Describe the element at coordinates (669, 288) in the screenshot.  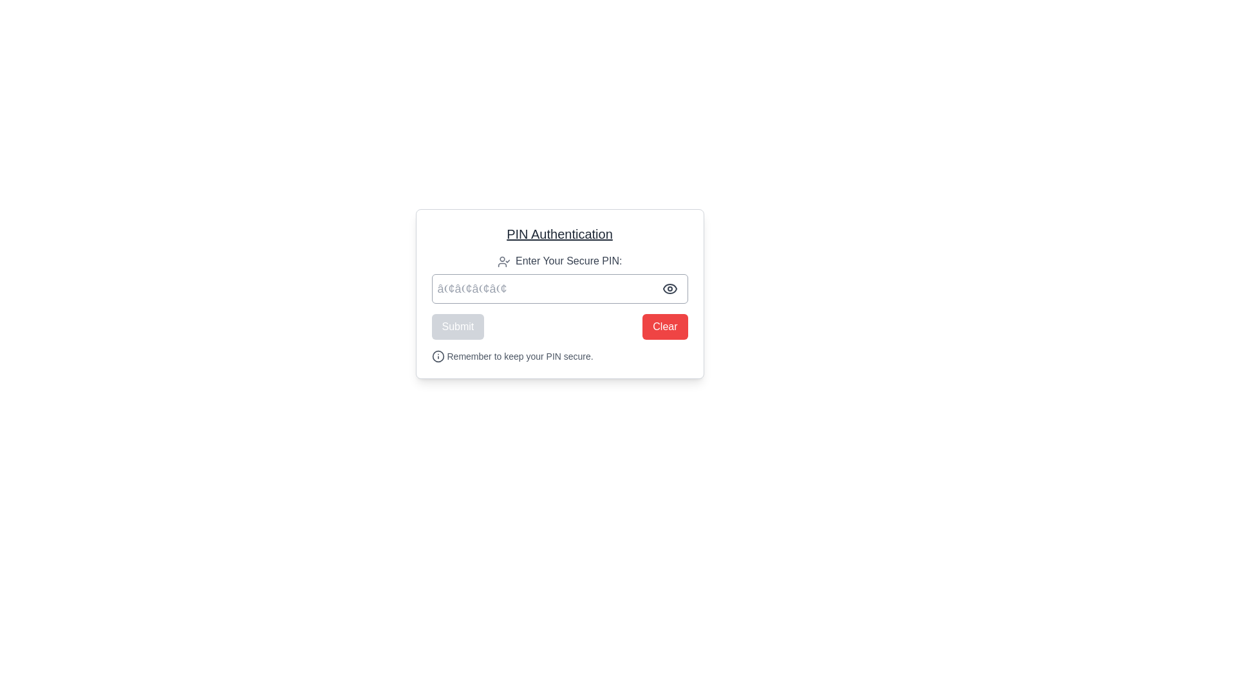
I see `the eye icon button` at that location.